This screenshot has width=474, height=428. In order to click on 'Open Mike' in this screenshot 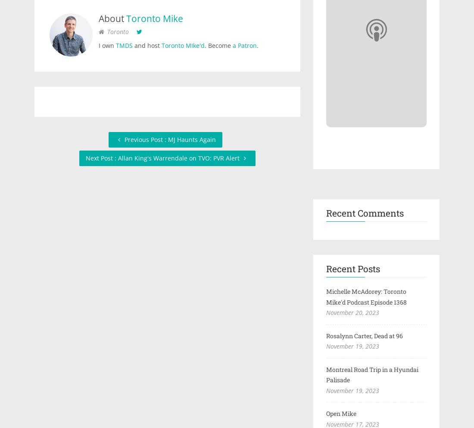, I will do `click(341, 413)`.